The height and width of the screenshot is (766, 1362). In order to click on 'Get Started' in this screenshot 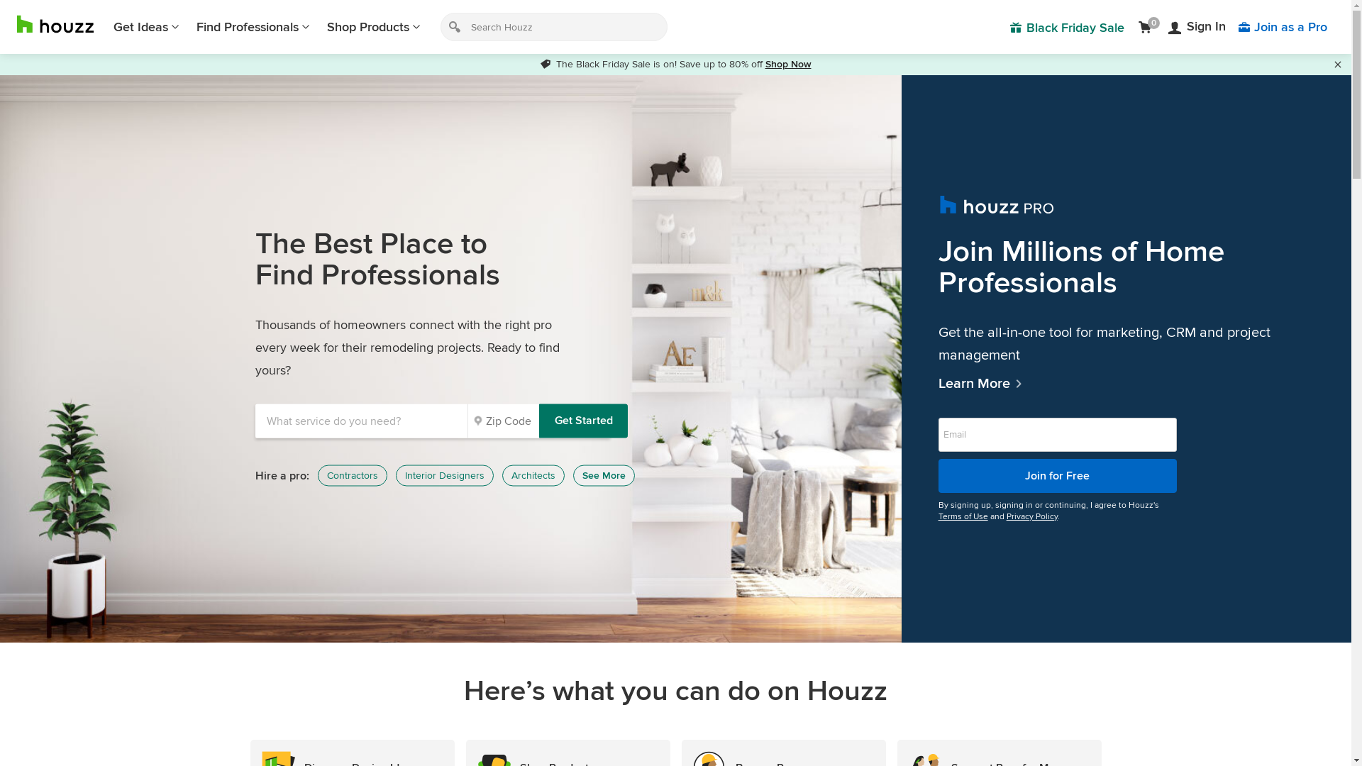, I will do `click(583, 421)`.